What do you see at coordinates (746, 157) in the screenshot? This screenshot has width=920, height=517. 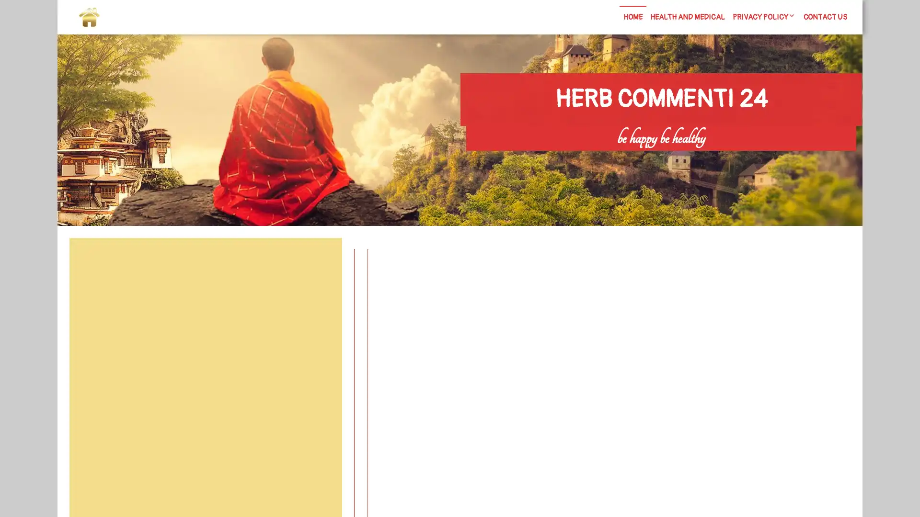 I see `Search` at bounding box center [746, 157].